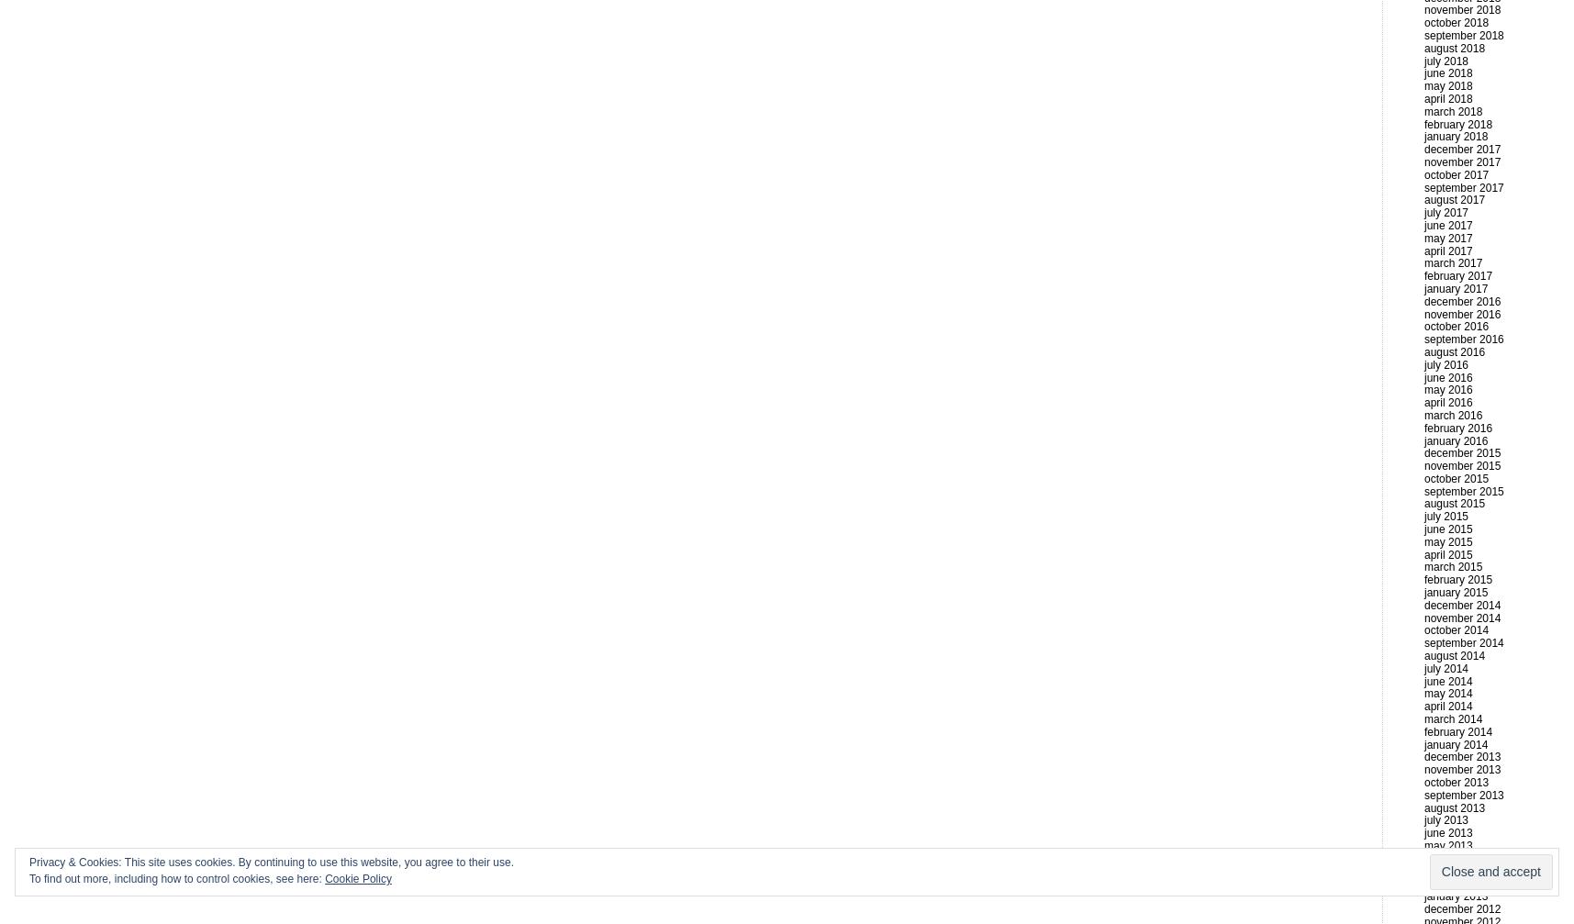 The image size is (1574, 924). I want to click on 'September 2015', so click(1463, 490).